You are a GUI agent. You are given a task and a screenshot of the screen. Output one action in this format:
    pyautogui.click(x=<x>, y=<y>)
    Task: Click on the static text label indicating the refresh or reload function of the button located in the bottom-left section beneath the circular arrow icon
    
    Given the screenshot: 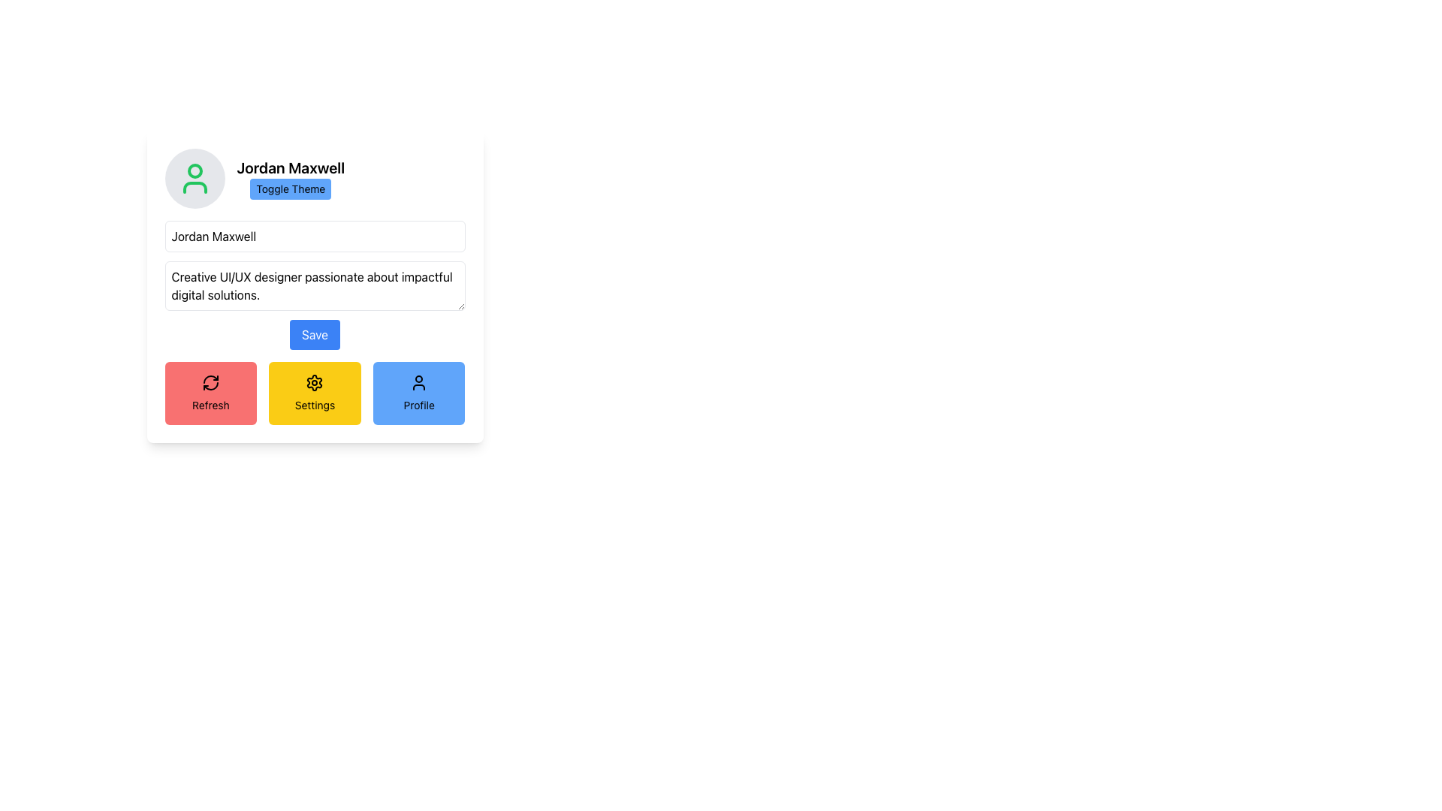 What is the action you would take?
    pyautogui.click(x=210, y=405)
    